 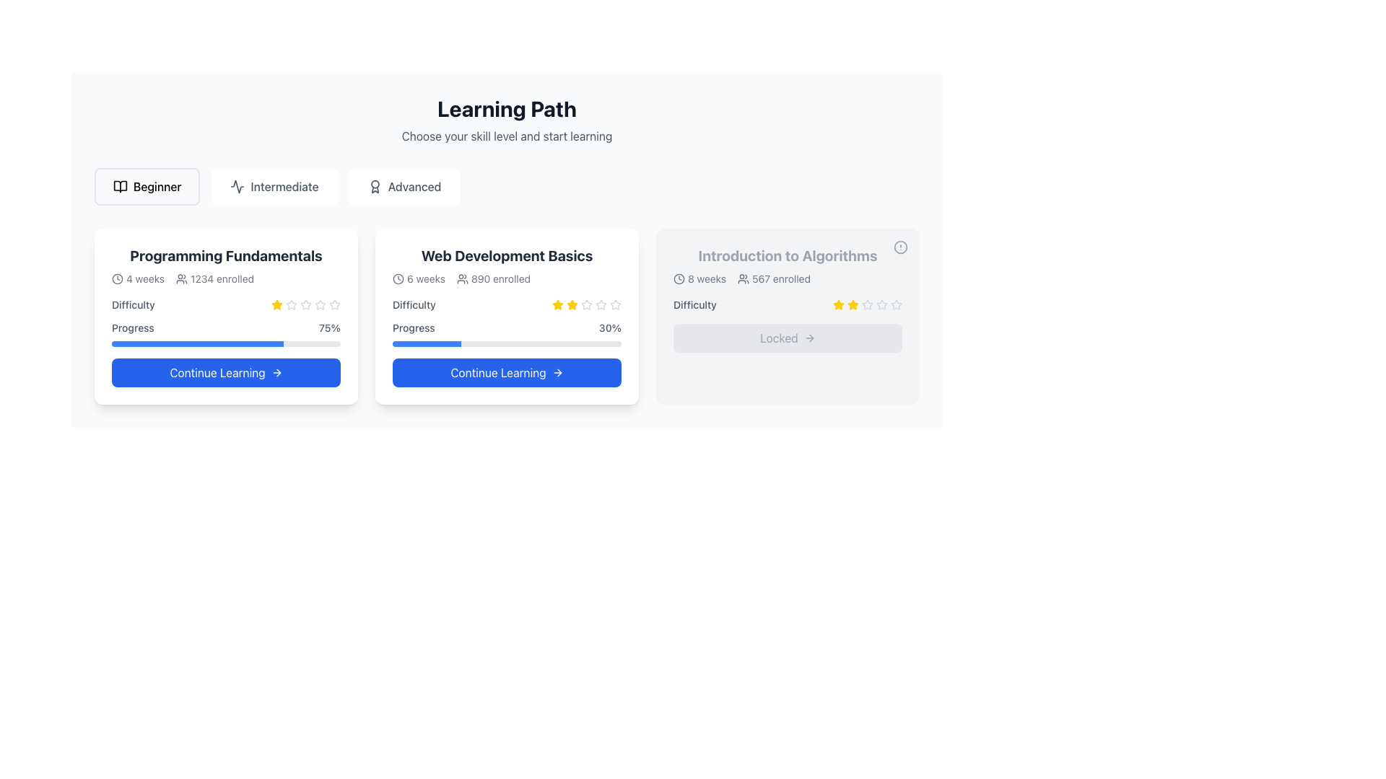 What do you see at coordinates (196, 344) in the screenshot?
I see `the progress bar indicating 75% completion within the 'Programming Fundamentals' card's 'Progress' section` at bounding box center [196, 344].